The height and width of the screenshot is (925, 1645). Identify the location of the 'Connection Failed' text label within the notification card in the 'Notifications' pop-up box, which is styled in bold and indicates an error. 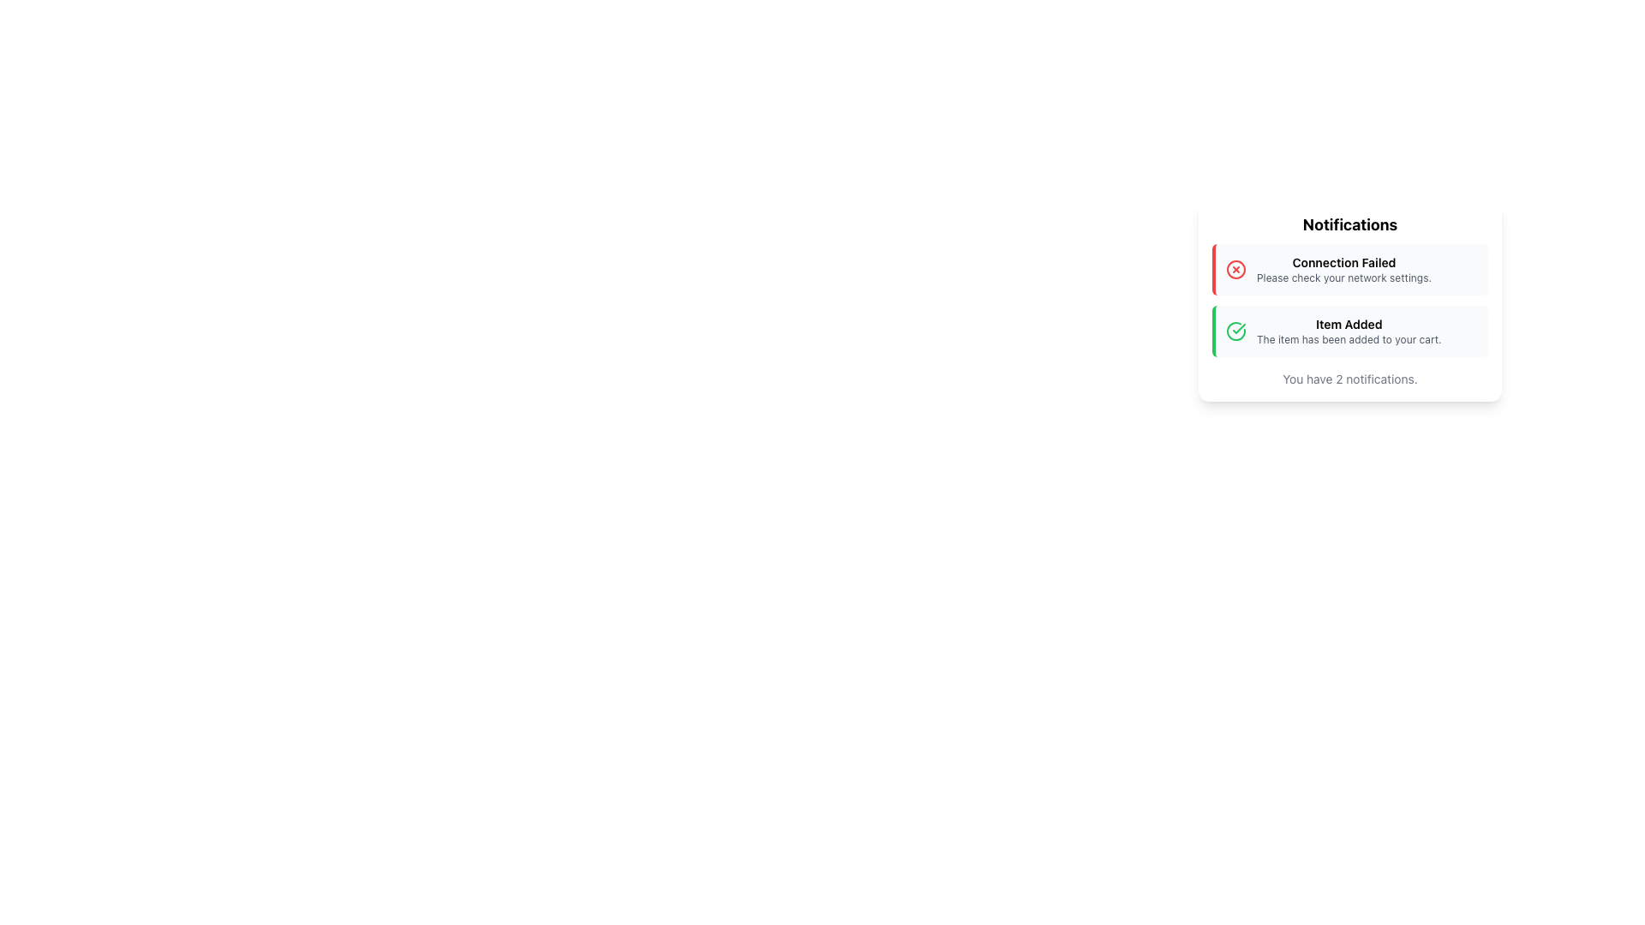
(1343, 263).